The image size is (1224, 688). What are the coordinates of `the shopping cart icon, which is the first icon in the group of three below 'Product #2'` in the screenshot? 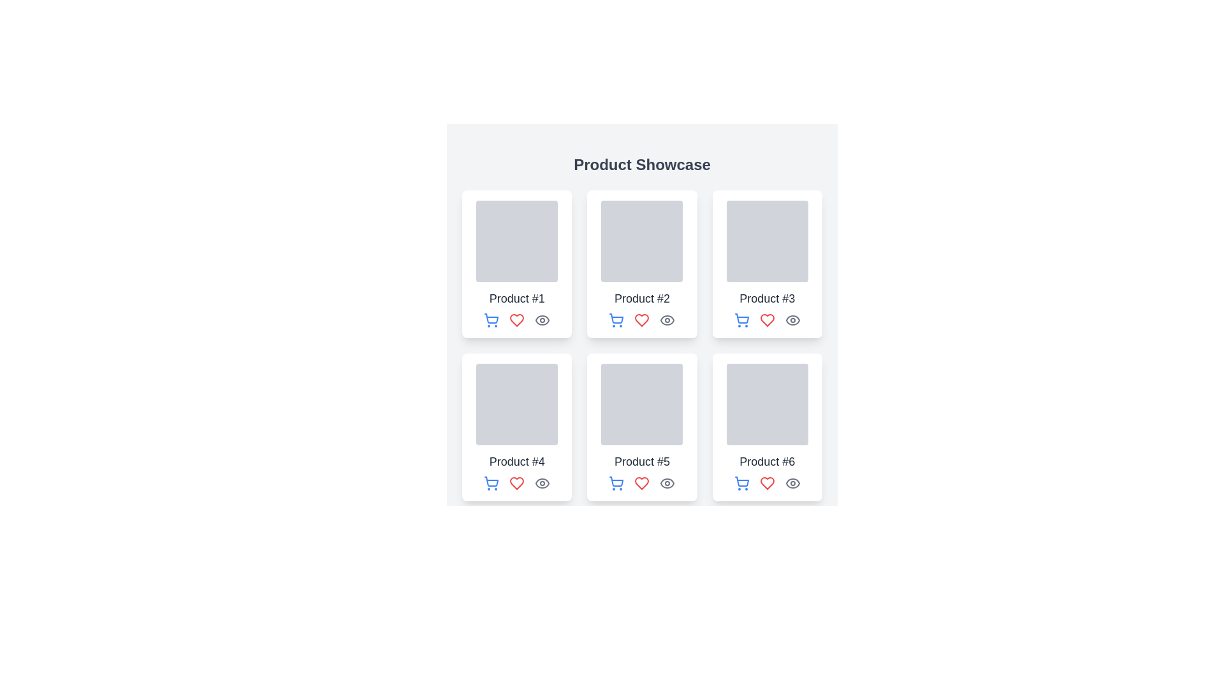 It's located at (616, 319).